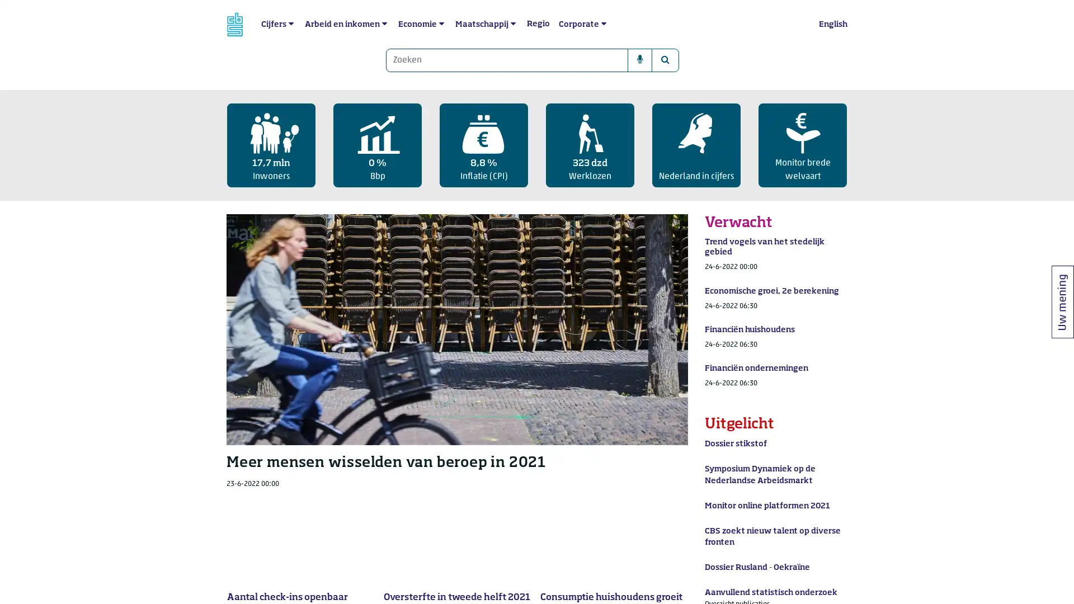 Image resolution: width=1074 pixels, height=604 pixels. I want to click on submenu Cijfers, so click(291, 23).